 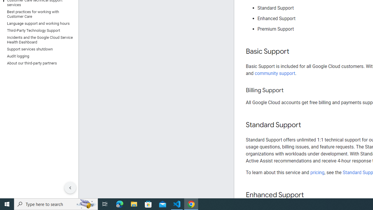 I want to click on 'Third-Party Technology Support', so click(x=38, y=30).